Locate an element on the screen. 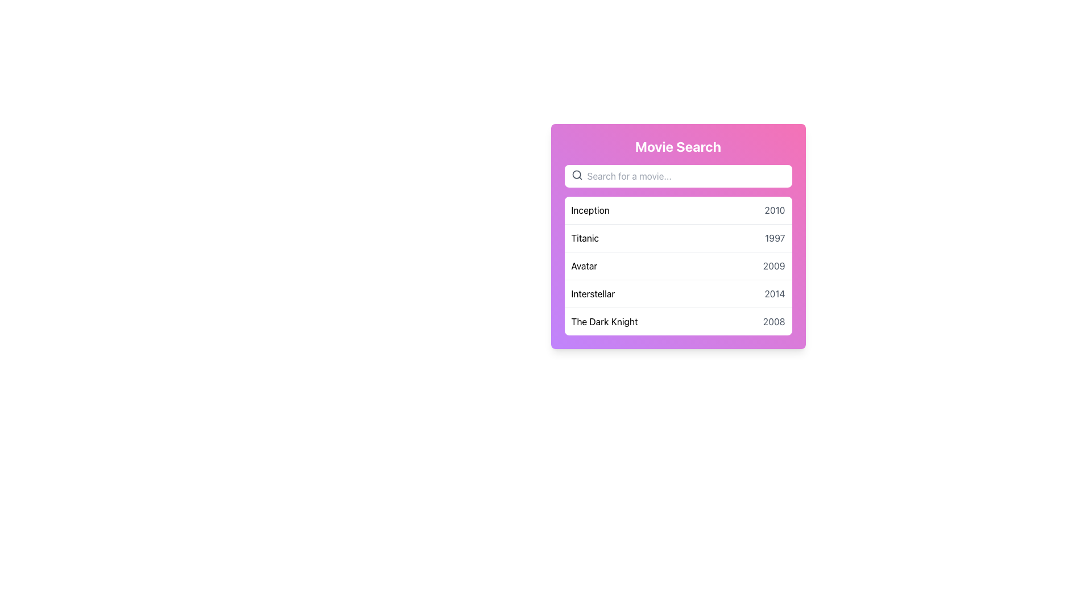 This screenshot has height=614, width=1092. text label displaying the release year of the movie 'Avatar' located on the right side of the third row in the 'Movie Search' card interface is located at coordinates (773, 265).